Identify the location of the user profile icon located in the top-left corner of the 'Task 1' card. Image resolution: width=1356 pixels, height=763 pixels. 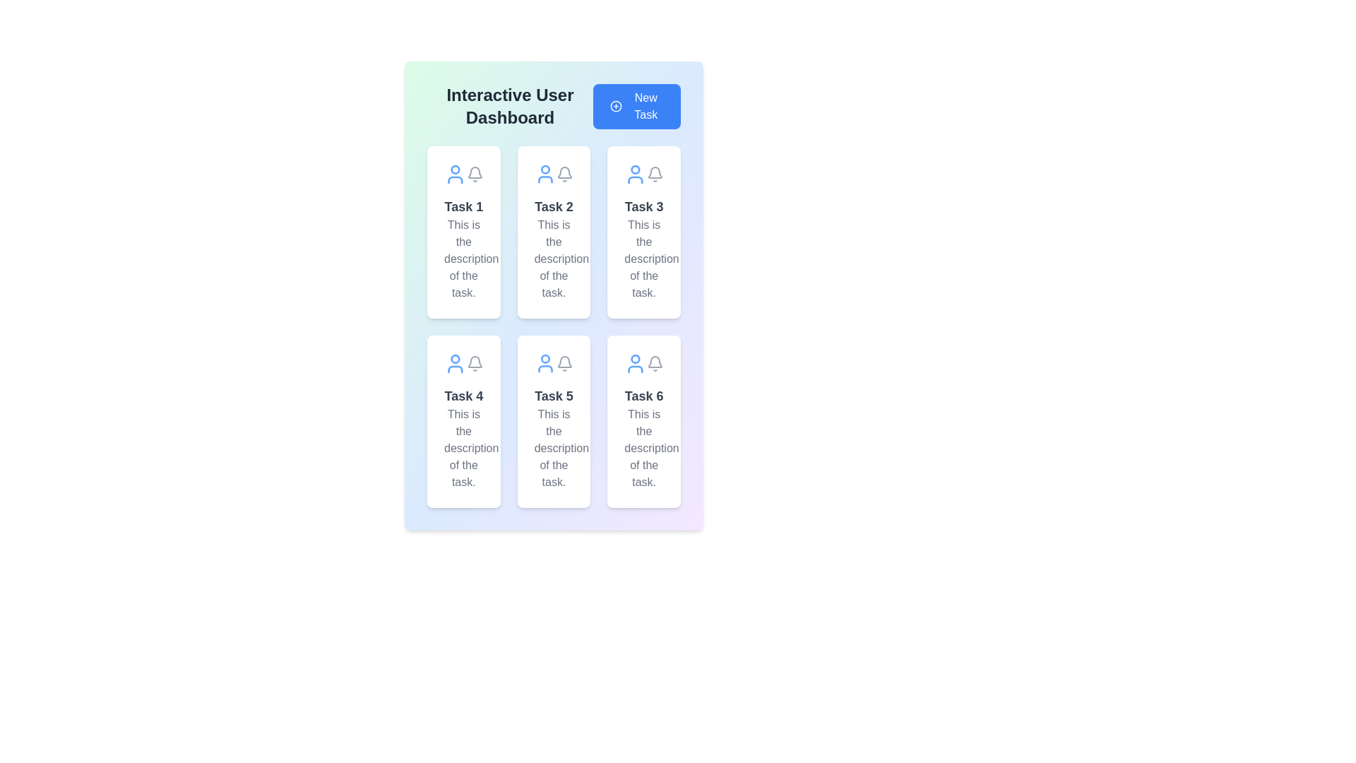
(455, 173).